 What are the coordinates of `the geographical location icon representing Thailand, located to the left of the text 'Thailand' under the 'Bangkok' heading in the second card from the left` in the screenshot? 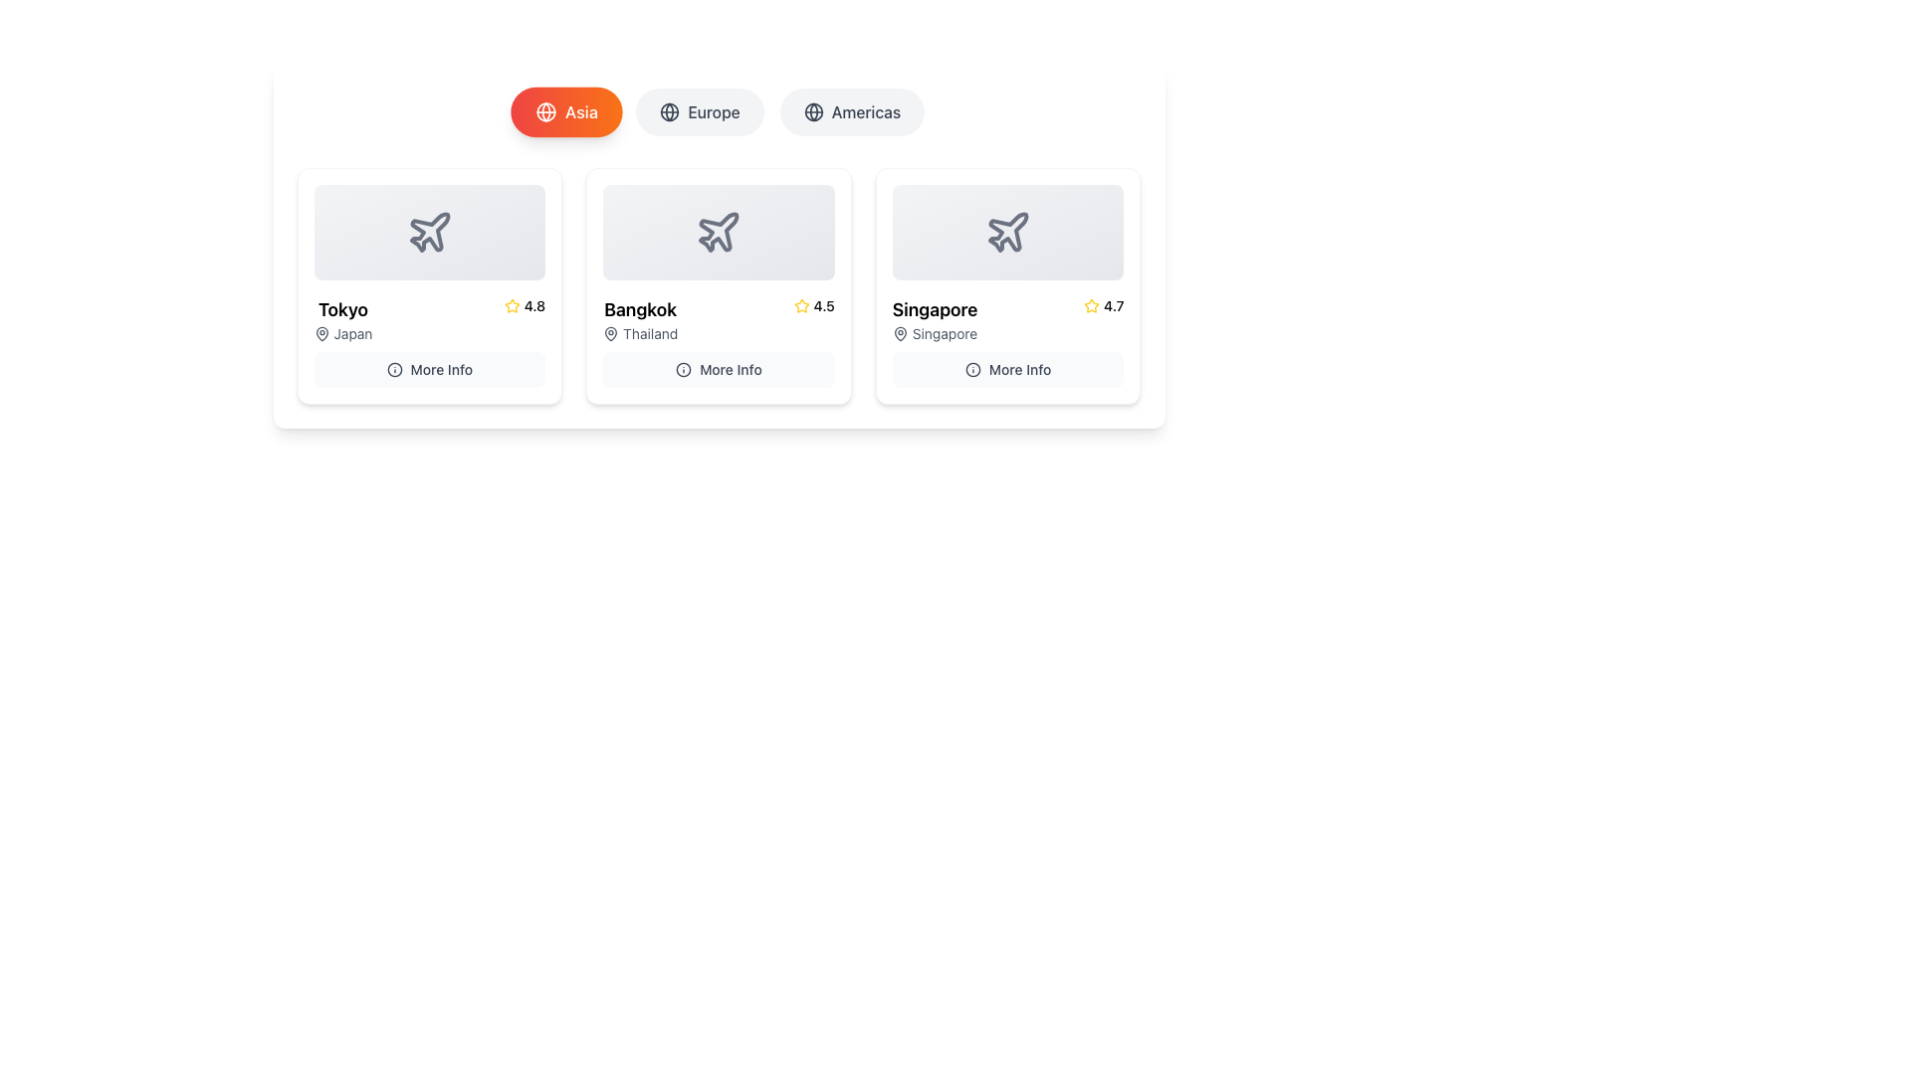 It's located at (610, 332).